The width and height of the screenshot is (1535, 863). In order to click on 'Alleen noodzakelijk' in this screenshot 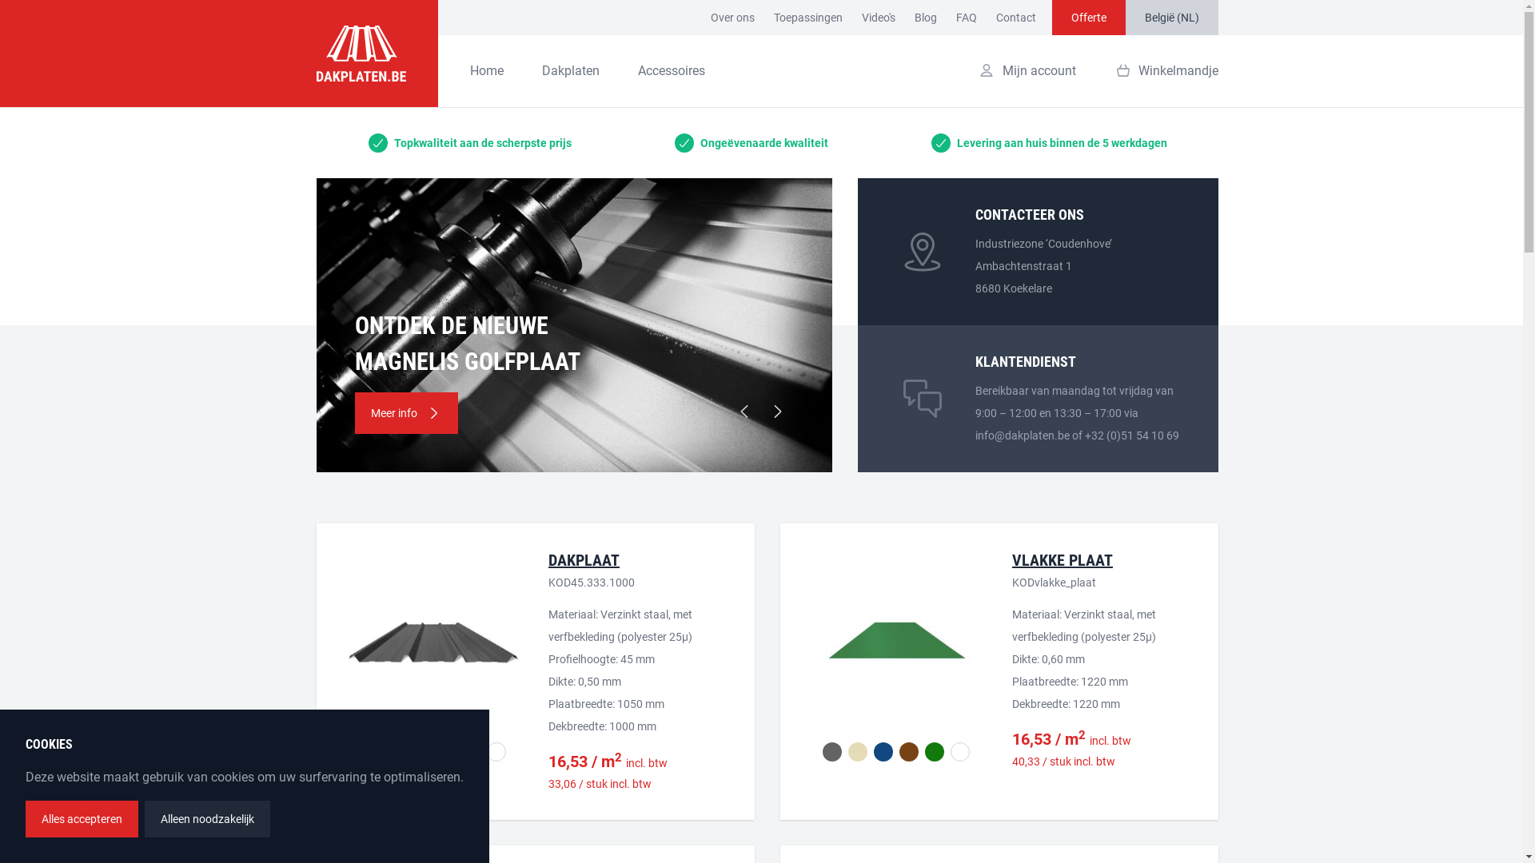, I will do `click(206, 819)`.